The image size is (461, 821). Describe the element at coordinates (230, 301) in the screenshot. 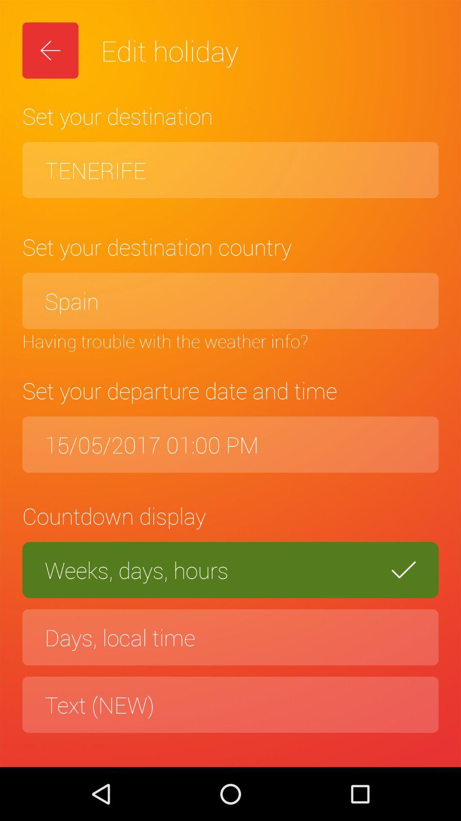

I see `spain` at that location.